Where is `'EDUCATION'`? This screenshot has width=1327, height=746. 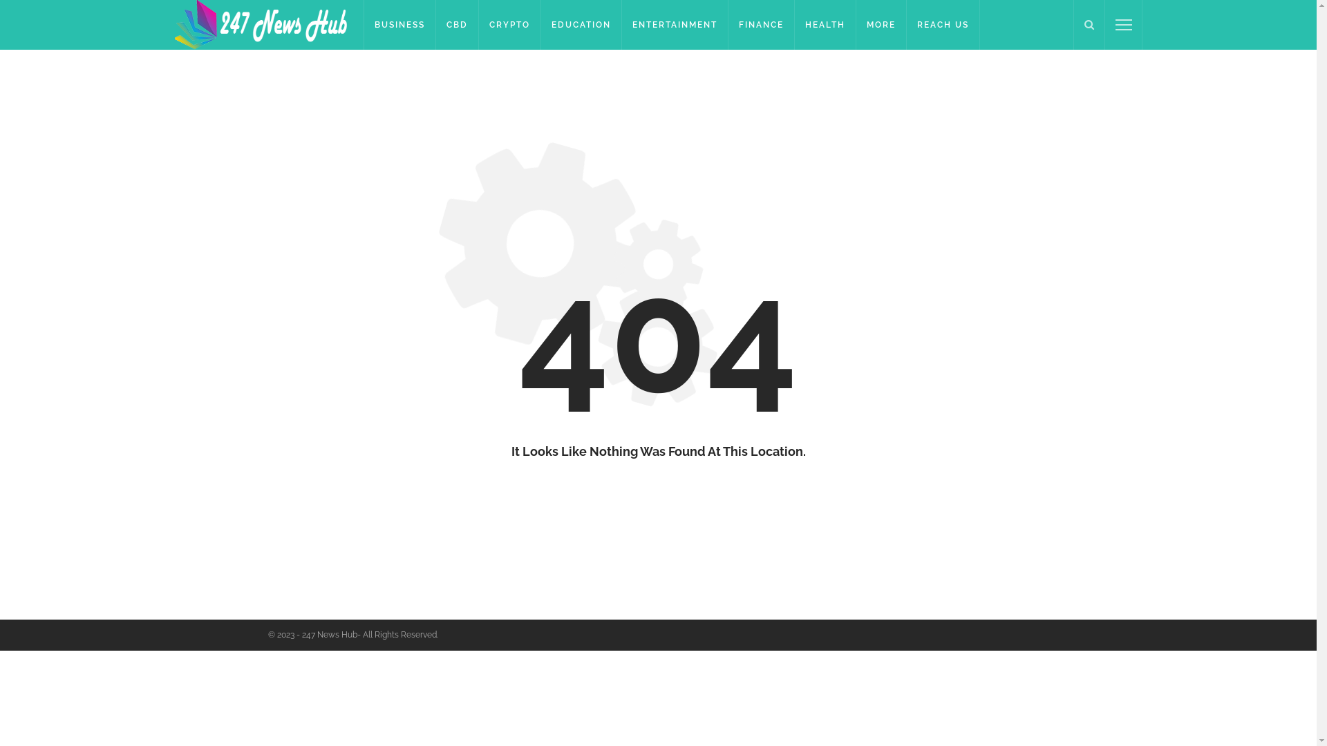 'EDUCATION' is located at coordinates (581, 24).